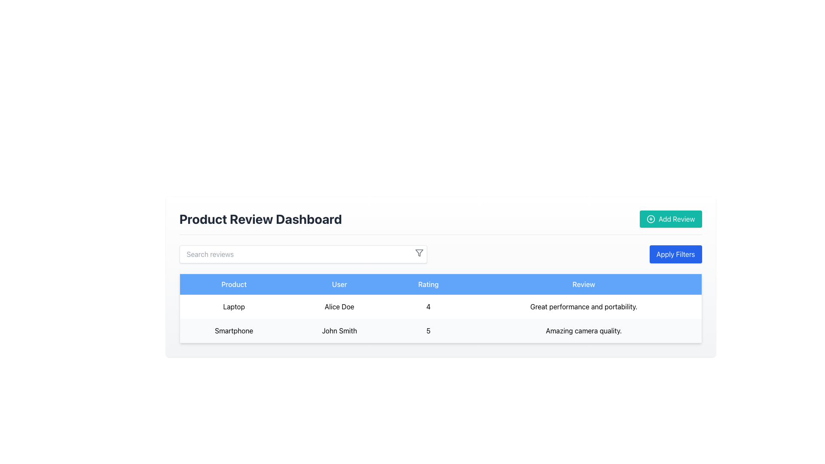 The height and width of the screenshot is (464, 825). What do you see at coordinates (584, 284) in the screenshot?
I see `the text label indicating 'Reviews', which is the fourth header in the table, located at the top-right of the column headers` at bounding box center [584, 284].